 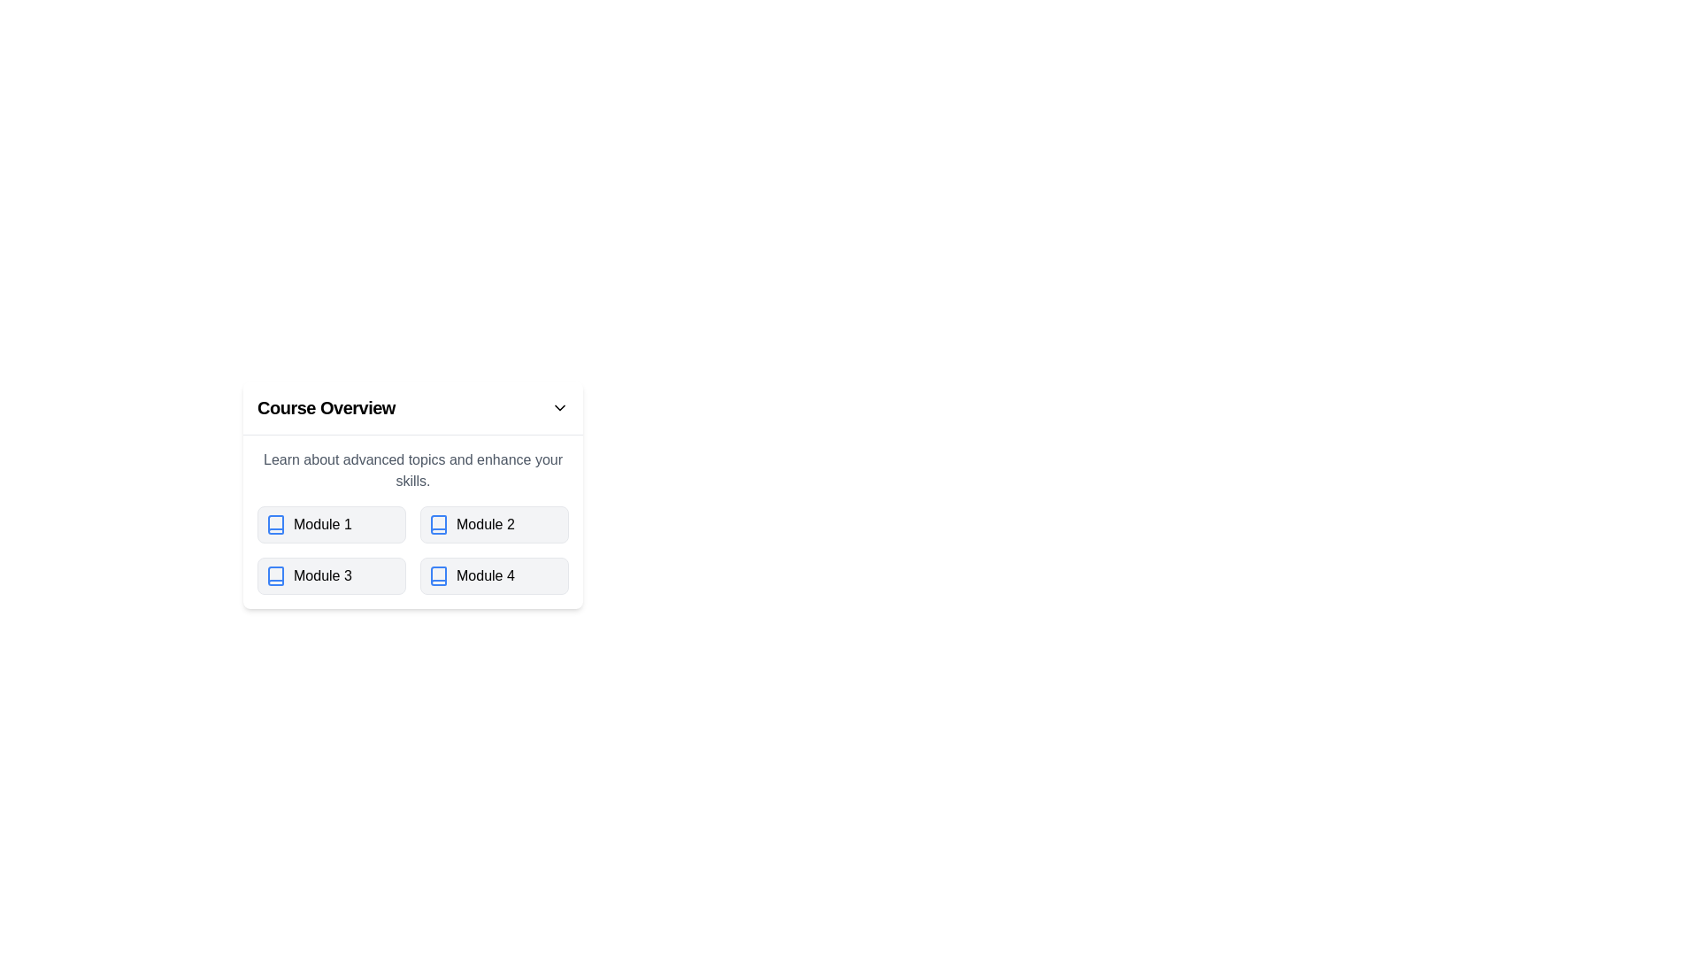 What do you see at coordinates (555, 495) in the screenshot?
I see `the panel titled 'Course Overview' that contains a description and a grid layout of modules` at bounding box center [555, 495].